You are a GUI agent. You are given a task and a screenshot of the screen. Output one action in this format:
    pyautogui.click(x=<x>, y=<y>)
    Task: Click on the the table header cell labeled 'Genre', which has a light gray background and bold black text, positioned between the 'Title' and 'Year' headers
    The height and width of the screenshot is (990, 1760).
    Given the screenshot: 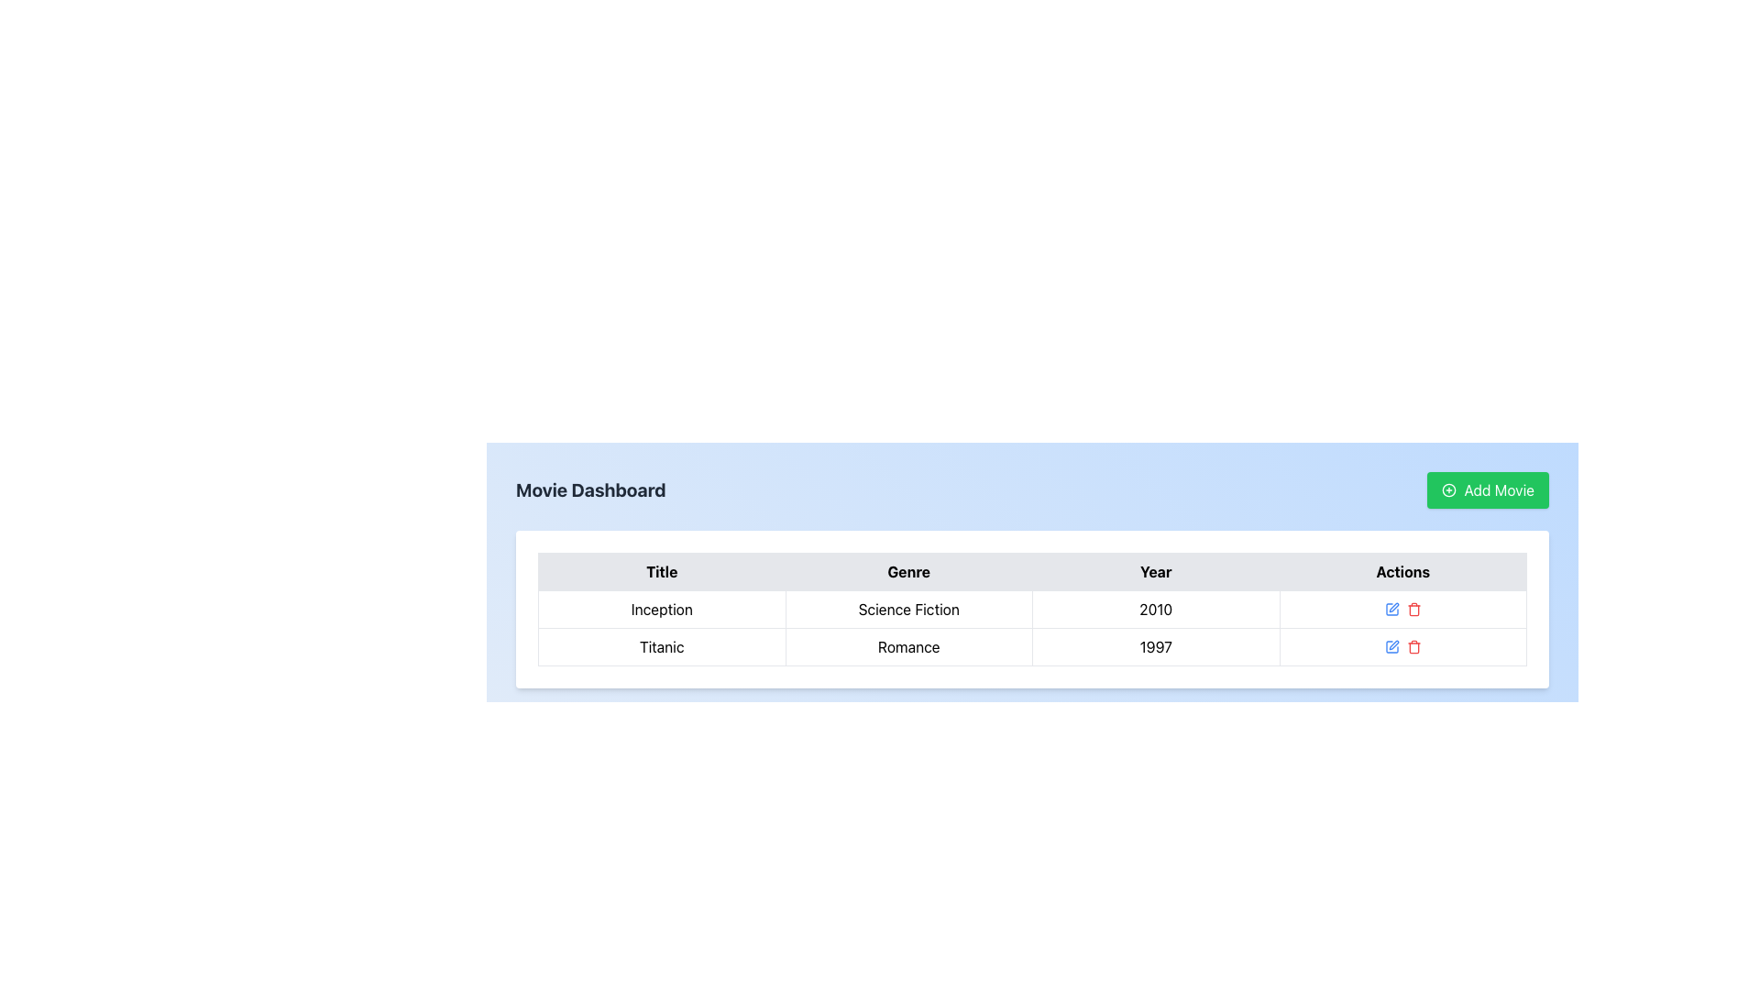 What is the action you would take?
    pyautogui.click(x=908, y=571)
    